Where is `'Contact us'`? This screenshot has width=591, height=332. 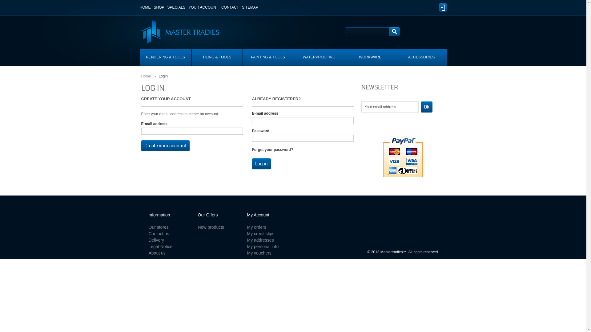
'Contact us' is located at coordinates (159, 233).